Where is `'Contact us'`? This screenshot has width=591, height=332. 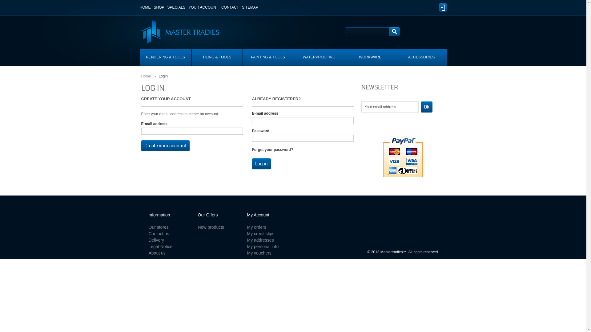
'Contact us' is located at coordinates (159, 233).